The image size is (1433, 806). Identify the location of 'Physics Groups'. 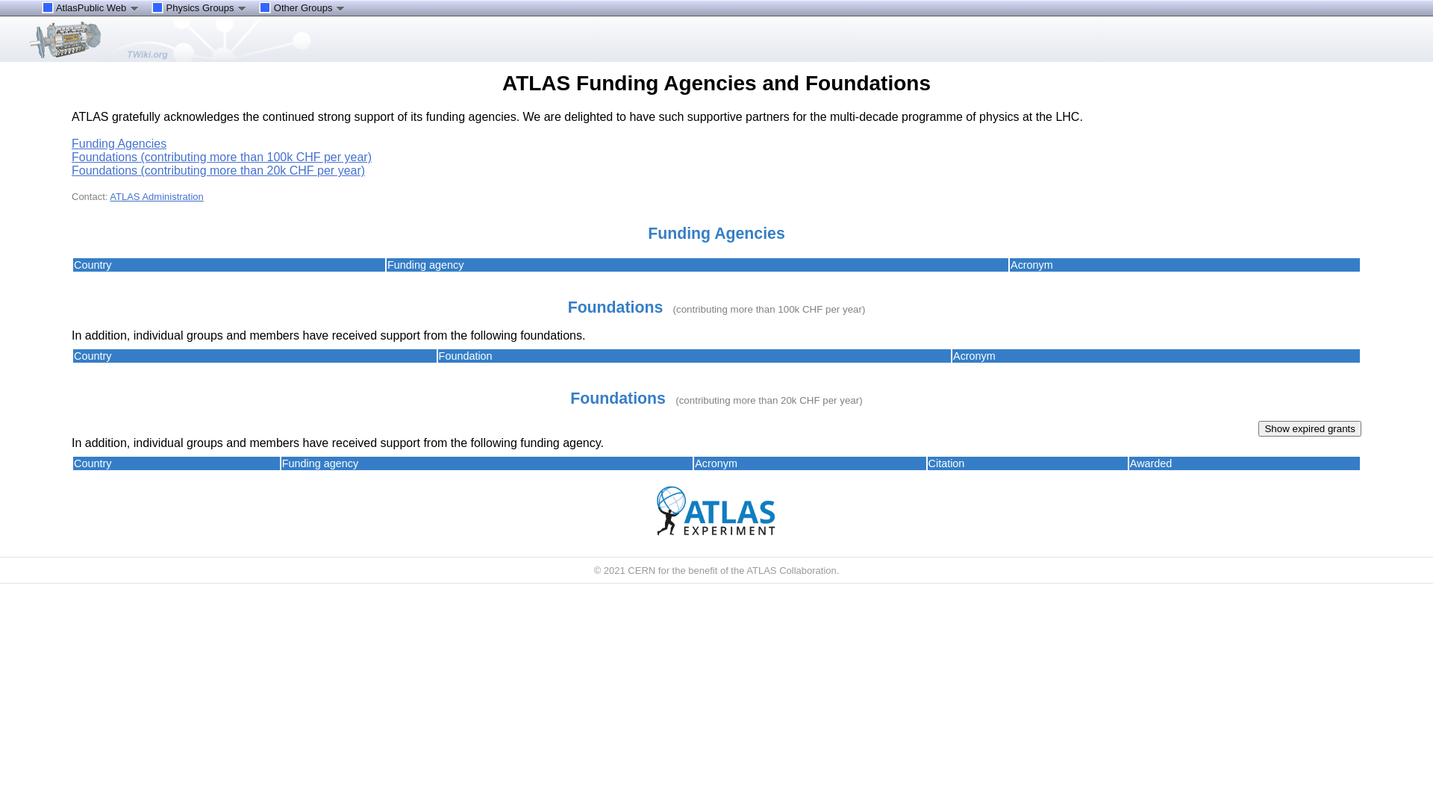
(146, 7).